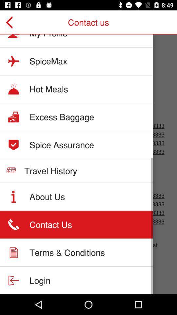  I want to click on the about us item, so click(47, 197).